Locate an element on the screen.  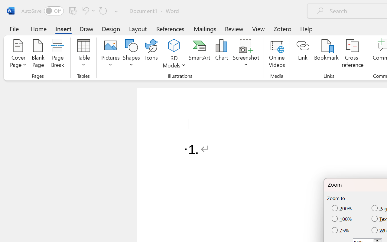
'Table' is located at coordinates (83, 54).